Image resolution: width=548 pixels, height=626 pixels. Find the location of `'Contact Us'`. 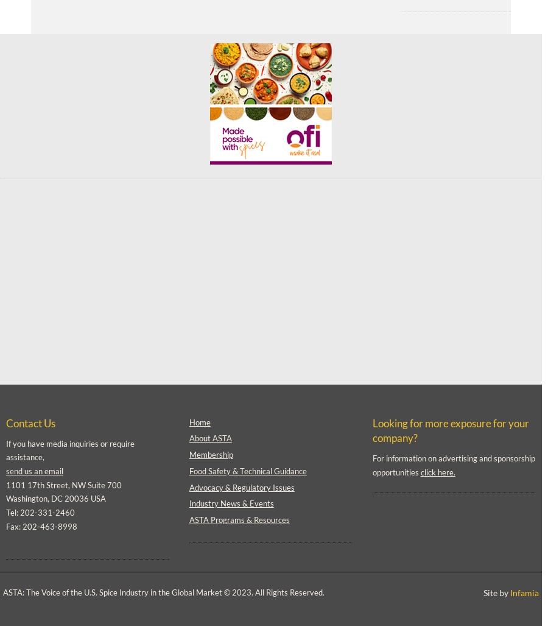

'Contact Us' is located at coordinates (30, 422).